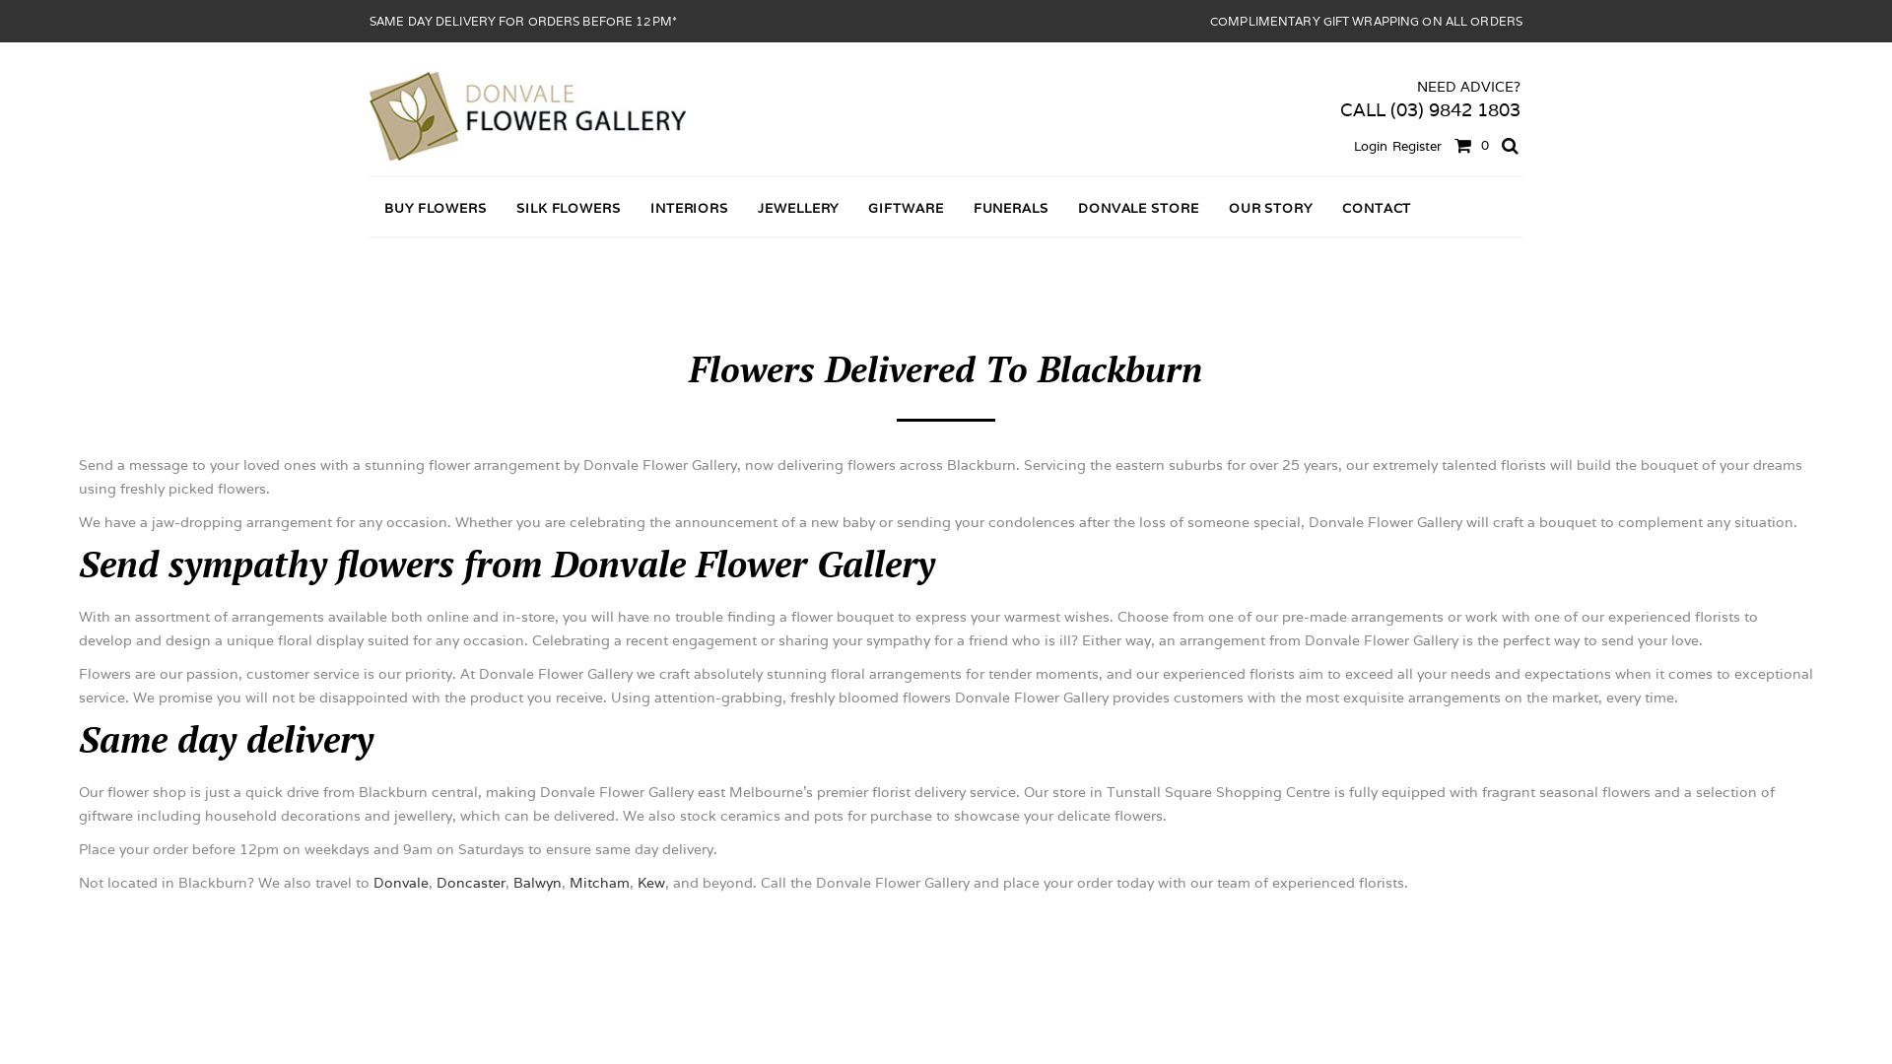  What do you see at coordinates (1370, 145) in the screenshot?
I see `'Login'` at bounding box center [1370, 145].